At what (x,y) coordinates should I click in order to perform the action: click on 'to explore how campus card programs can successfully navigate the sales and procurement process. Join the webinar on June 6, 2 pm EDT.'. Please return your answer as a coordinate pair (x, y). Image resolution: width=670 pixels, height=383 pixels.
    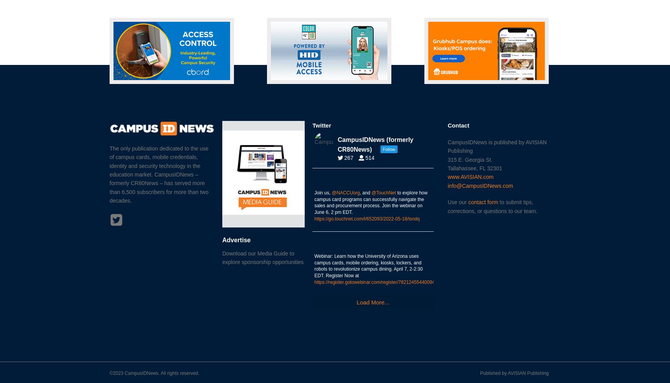
    Looking at the image, I should click on (370, 202).